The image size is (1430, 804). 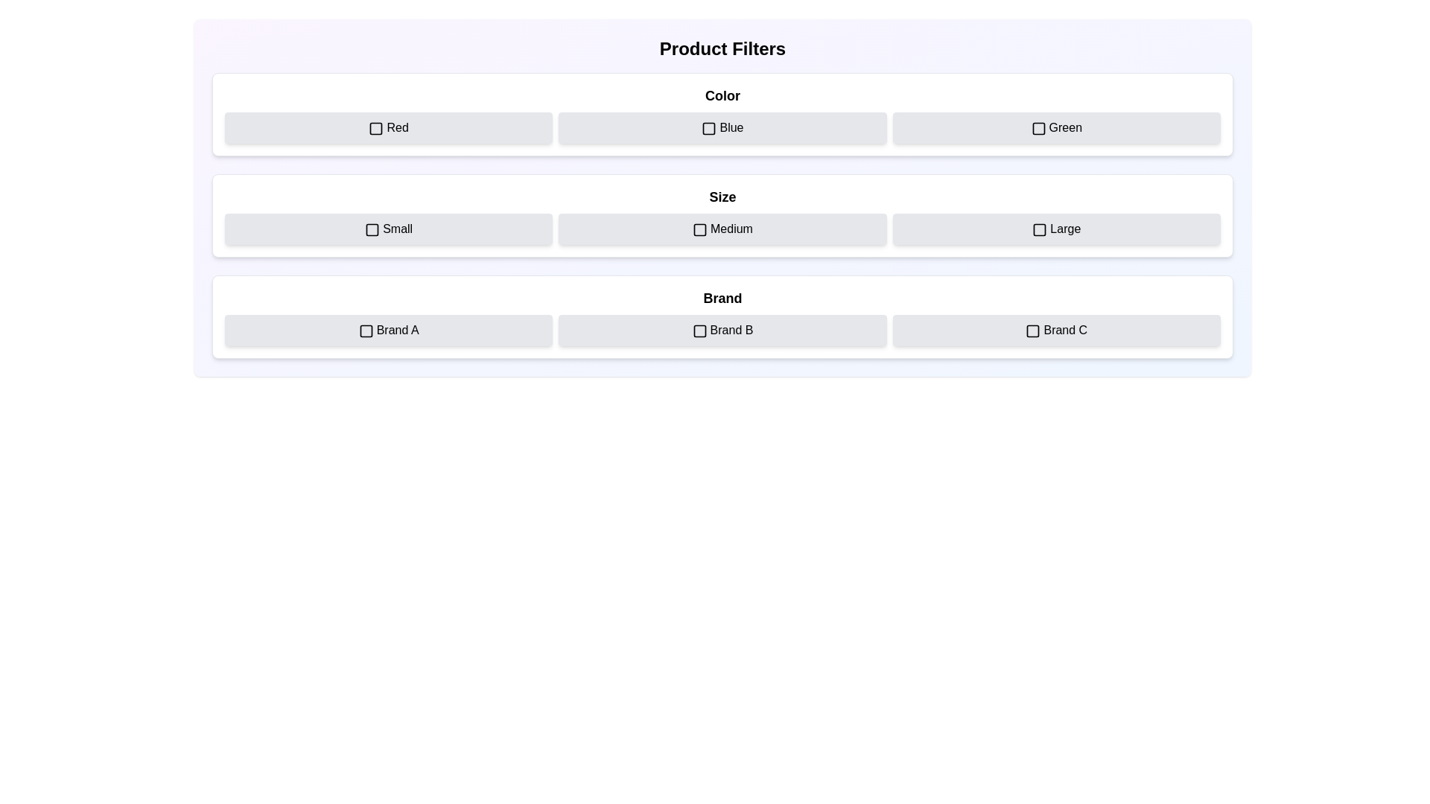 What do you see at coordinates (1055, 329) in the screenshot?
I see `the 'Brand C' filter button with a checkbox, which is a light gray rectangular button with rounded corners located in the 'Brand' section` at bounding box center [1055, 329].